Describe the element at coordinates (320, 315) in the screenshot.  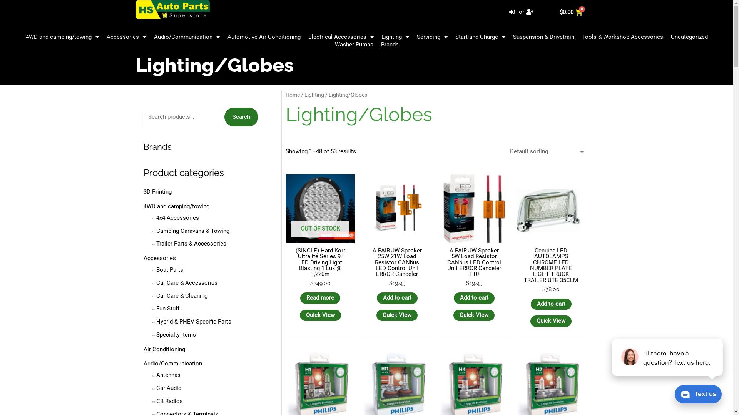
I see `'Quick View'` at that location.